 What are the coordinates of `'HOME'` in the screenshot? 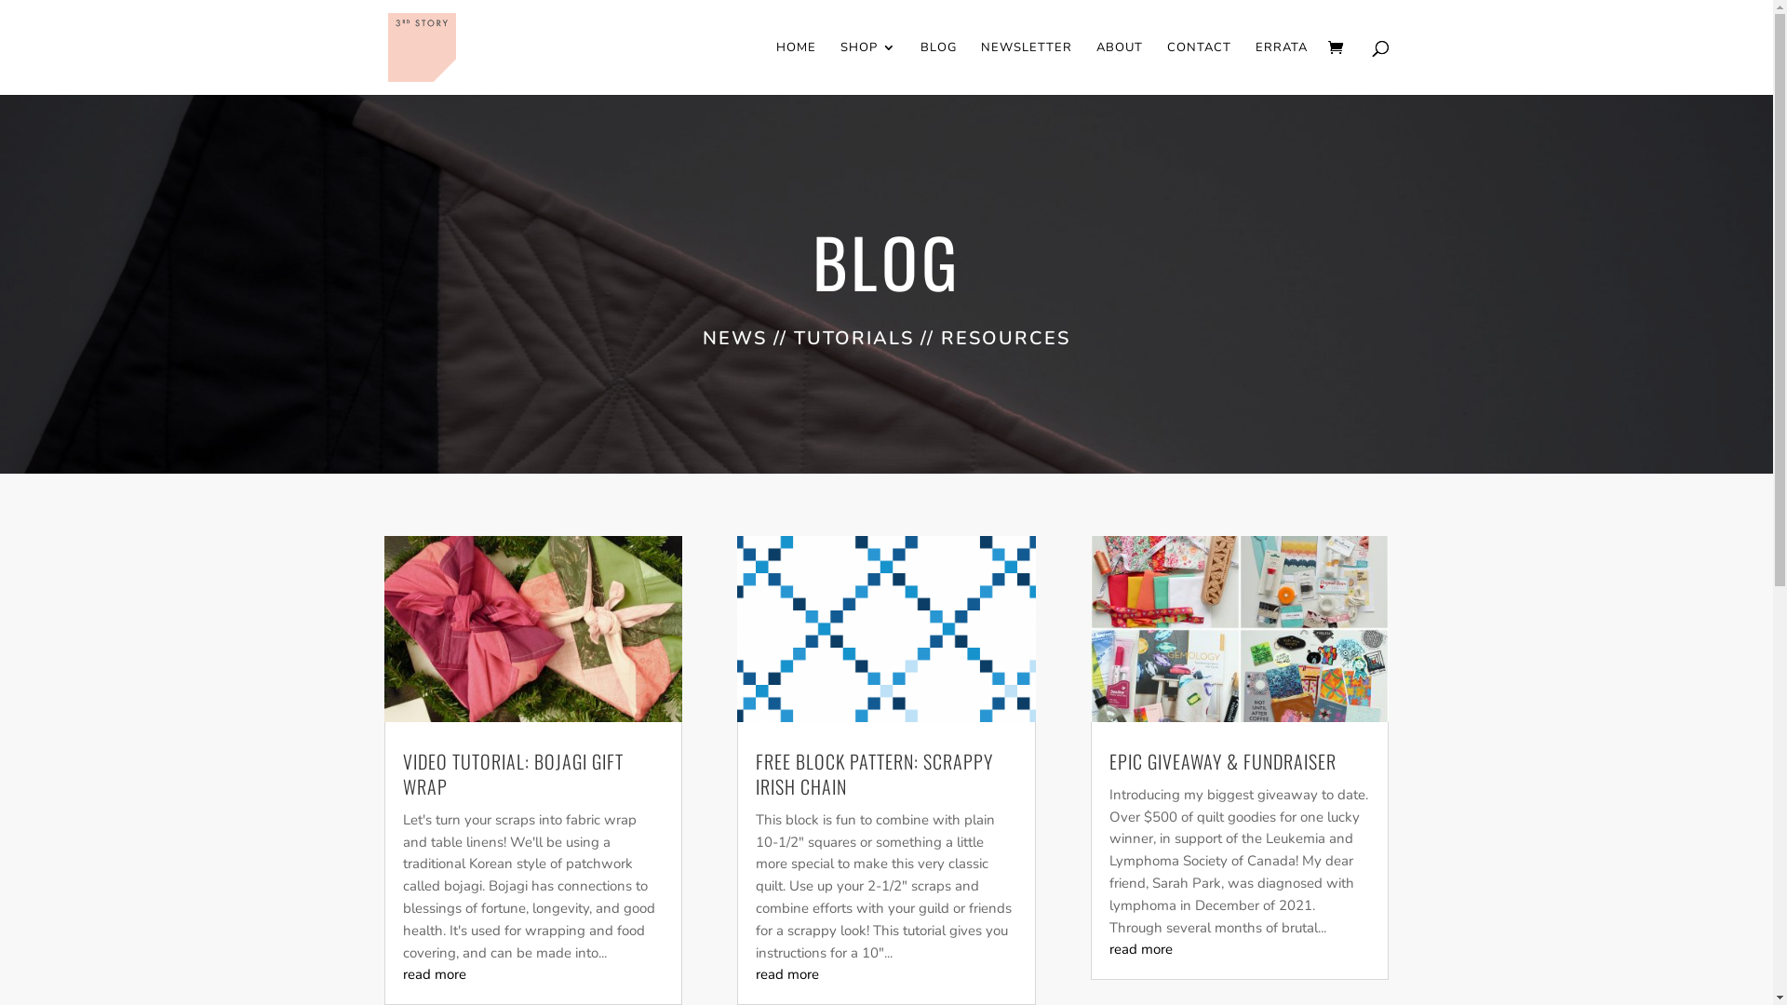 It's located at (796, 67).